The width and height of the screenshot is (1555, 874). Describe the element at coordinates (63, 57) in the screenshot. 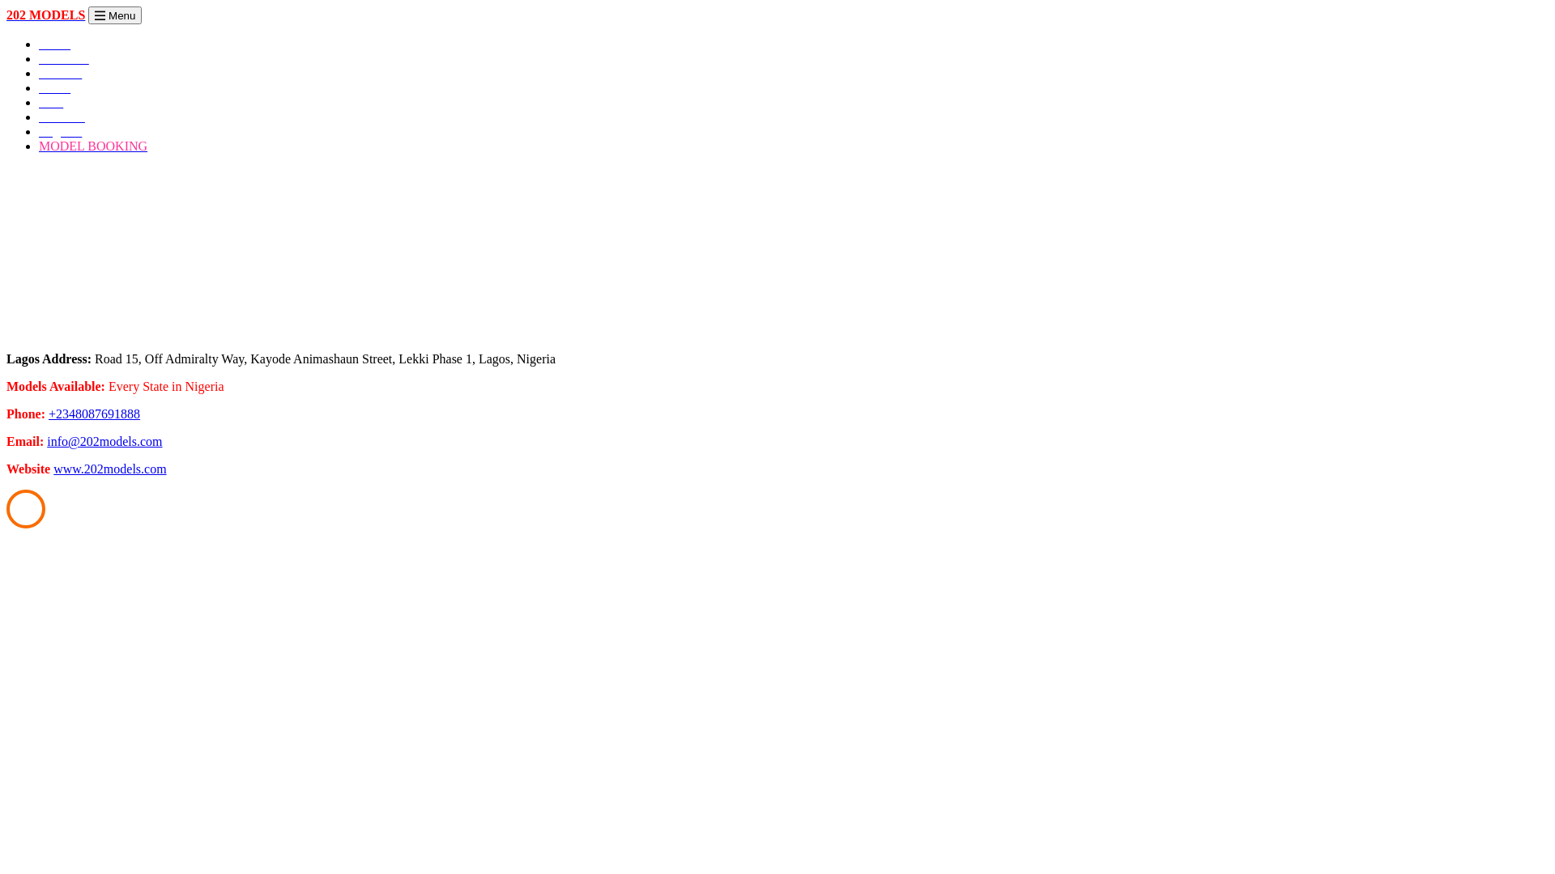

I see `'About Us'` at that location.